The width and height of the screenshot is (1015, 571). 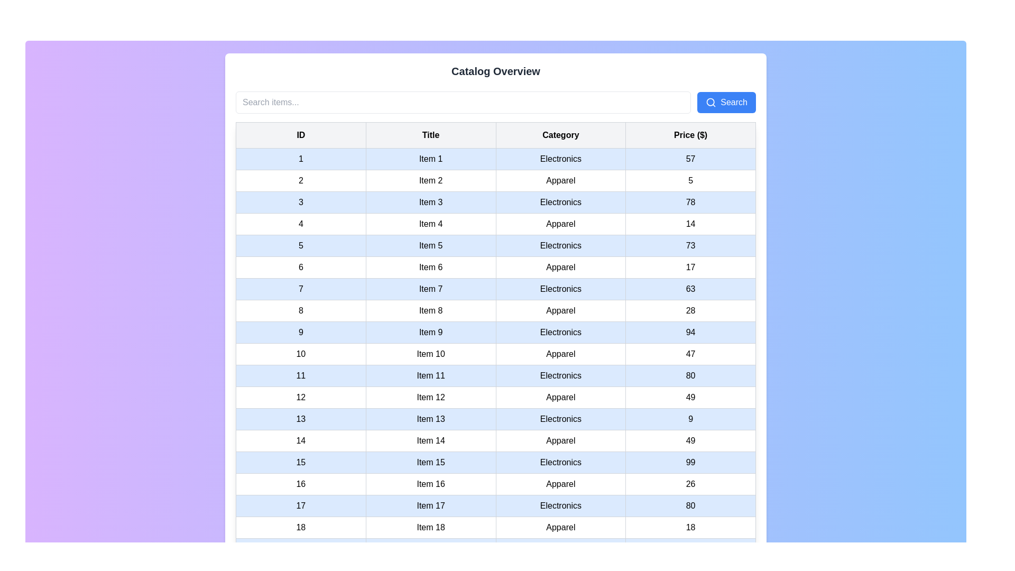 I want to click on the table cell displaying 'Item 11', which is the second cell in the eleventh row under the 'Title' column, so click(x=431, y=375).